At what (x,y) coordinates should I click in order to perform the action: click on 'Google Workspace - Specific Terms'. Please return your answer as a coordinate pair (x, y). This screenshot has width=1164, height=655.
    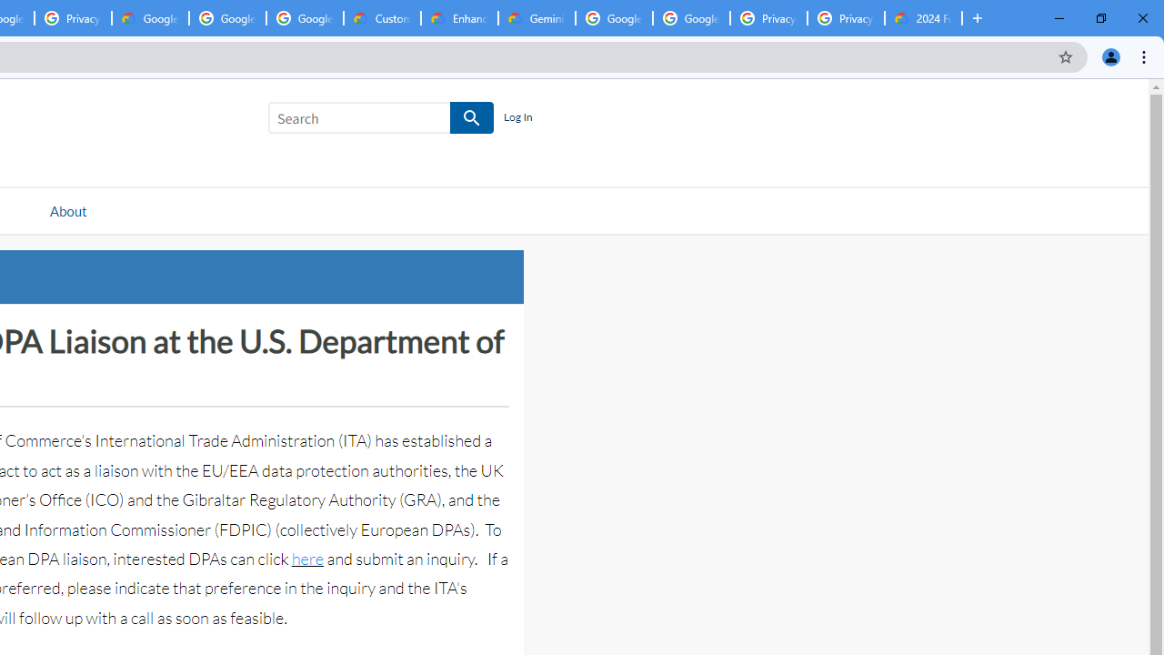
    Looking at the image, I should click on (226, 18).